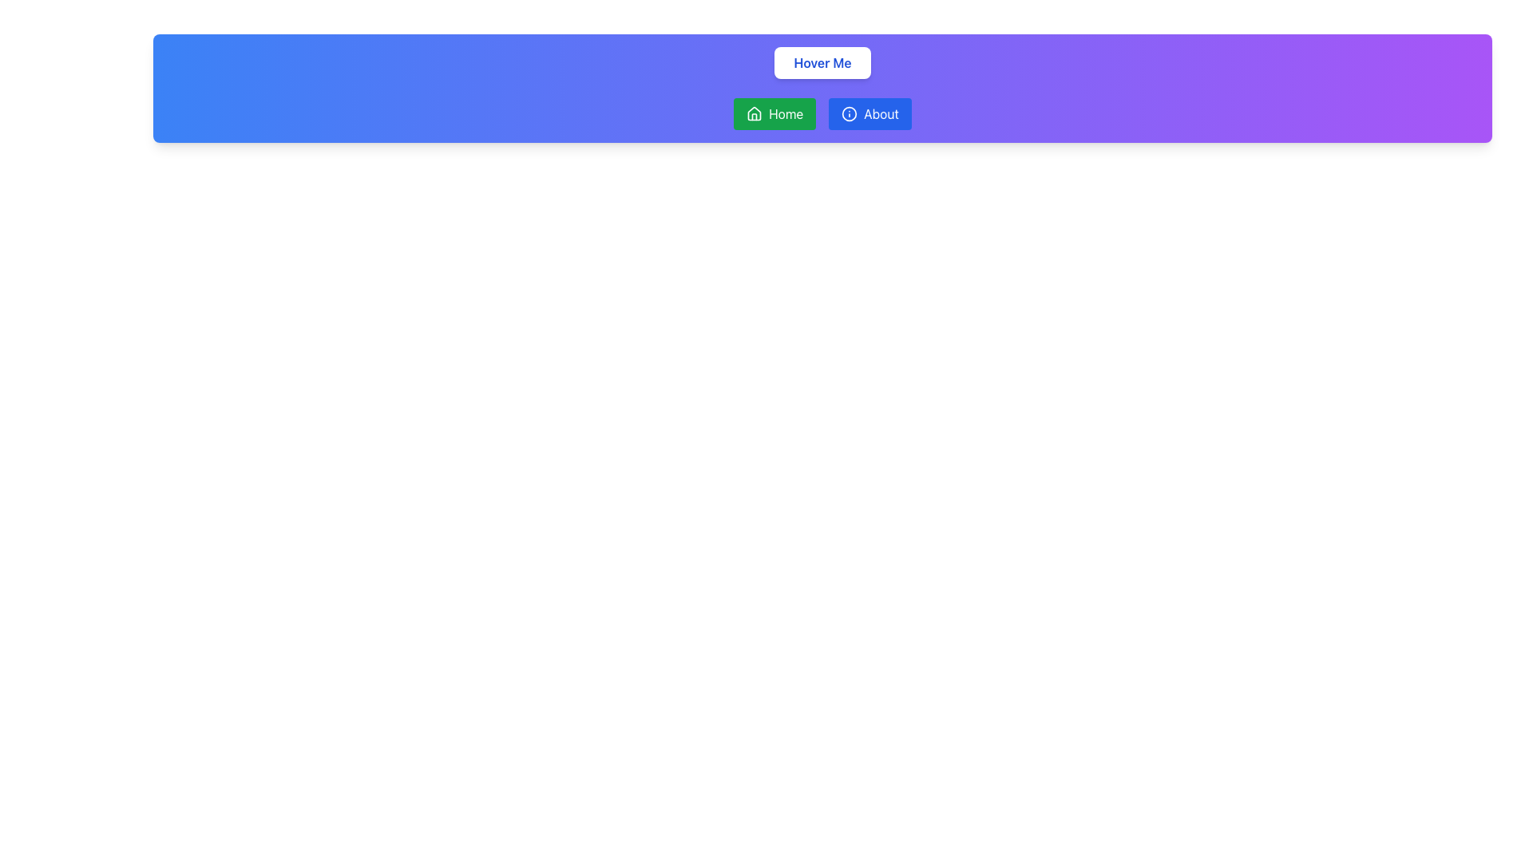  What do you see at coordinates (869, 113) in the screenshot?
I see `the navigational button located to the right of the 'Home' button in the navigation bar` at bounding box center [869, 113].